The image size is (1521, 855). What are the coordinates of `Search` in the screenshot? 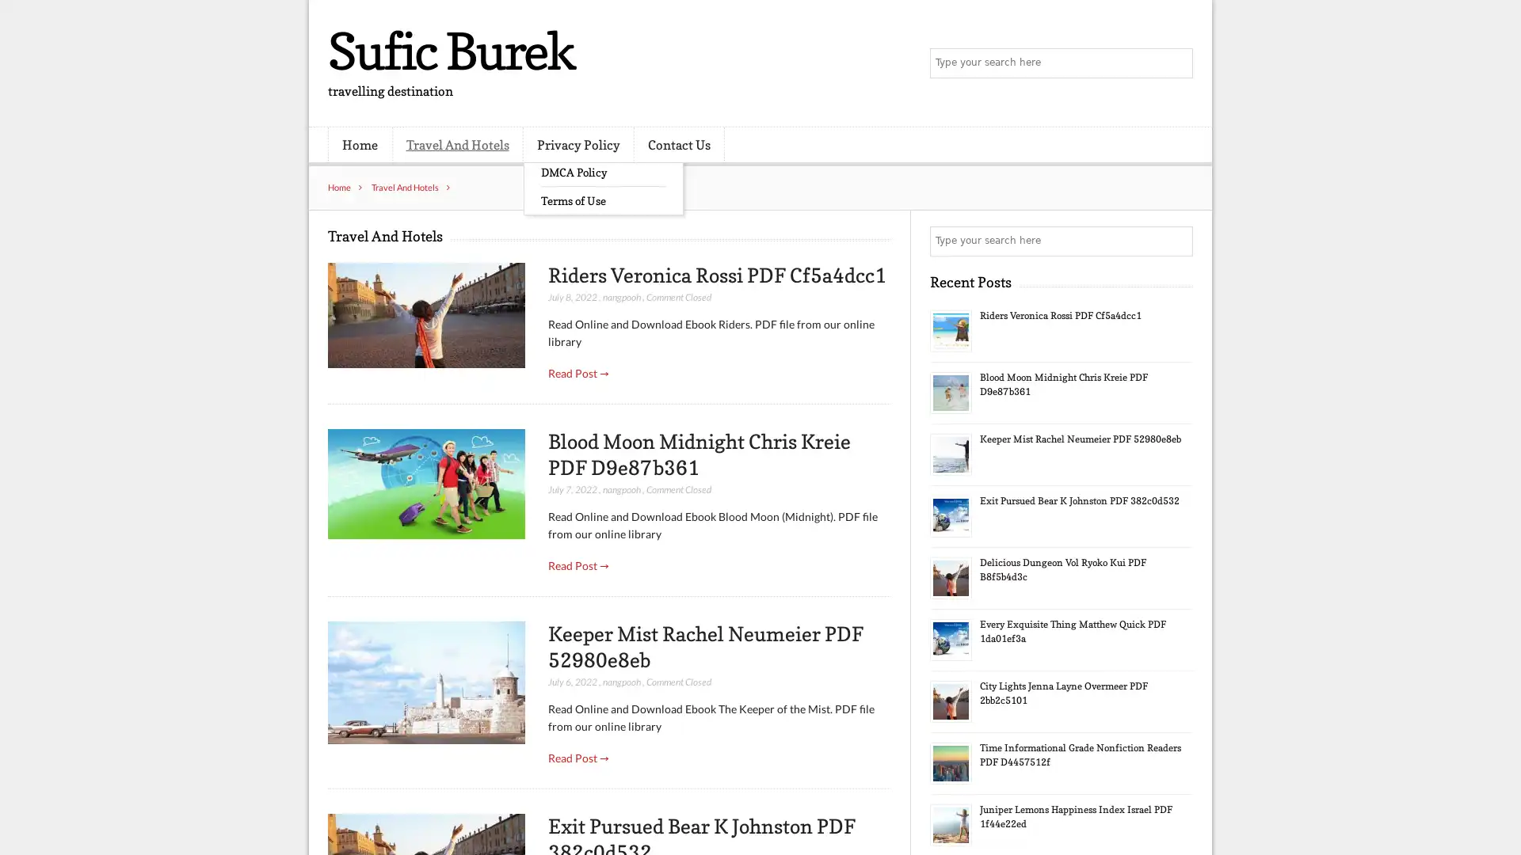 It's located at (1176, 63).